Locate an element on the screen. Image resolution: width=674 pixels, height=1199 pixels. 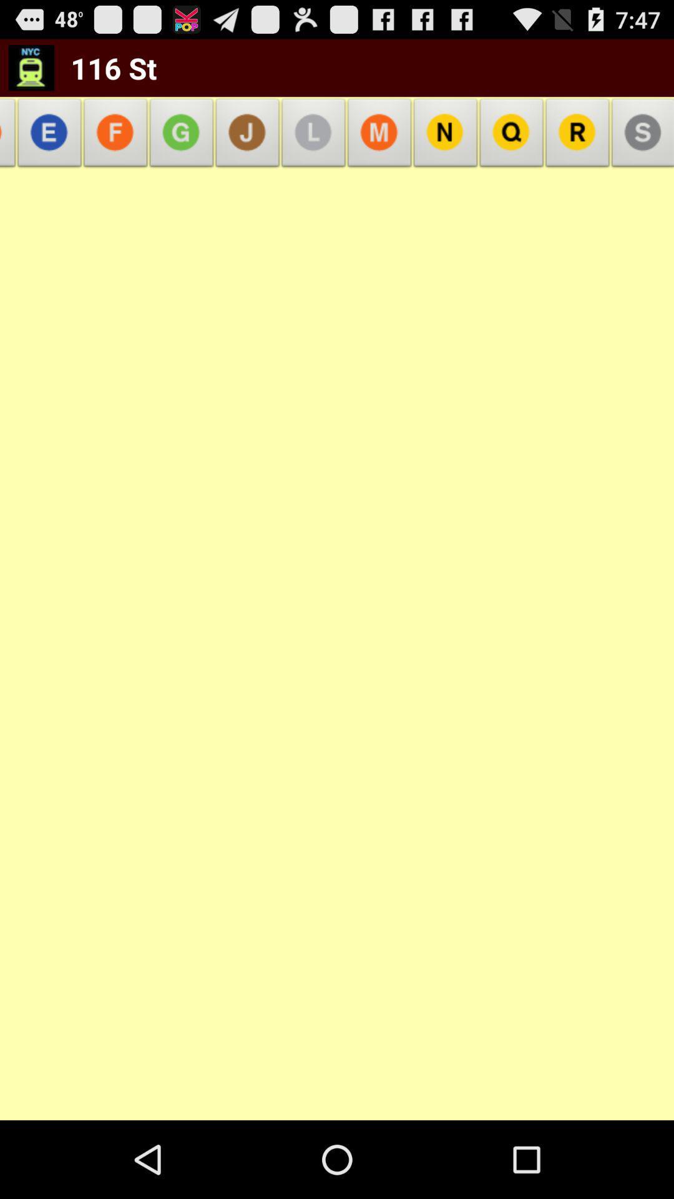
the 116 st app is located at coordinates (105, 67).